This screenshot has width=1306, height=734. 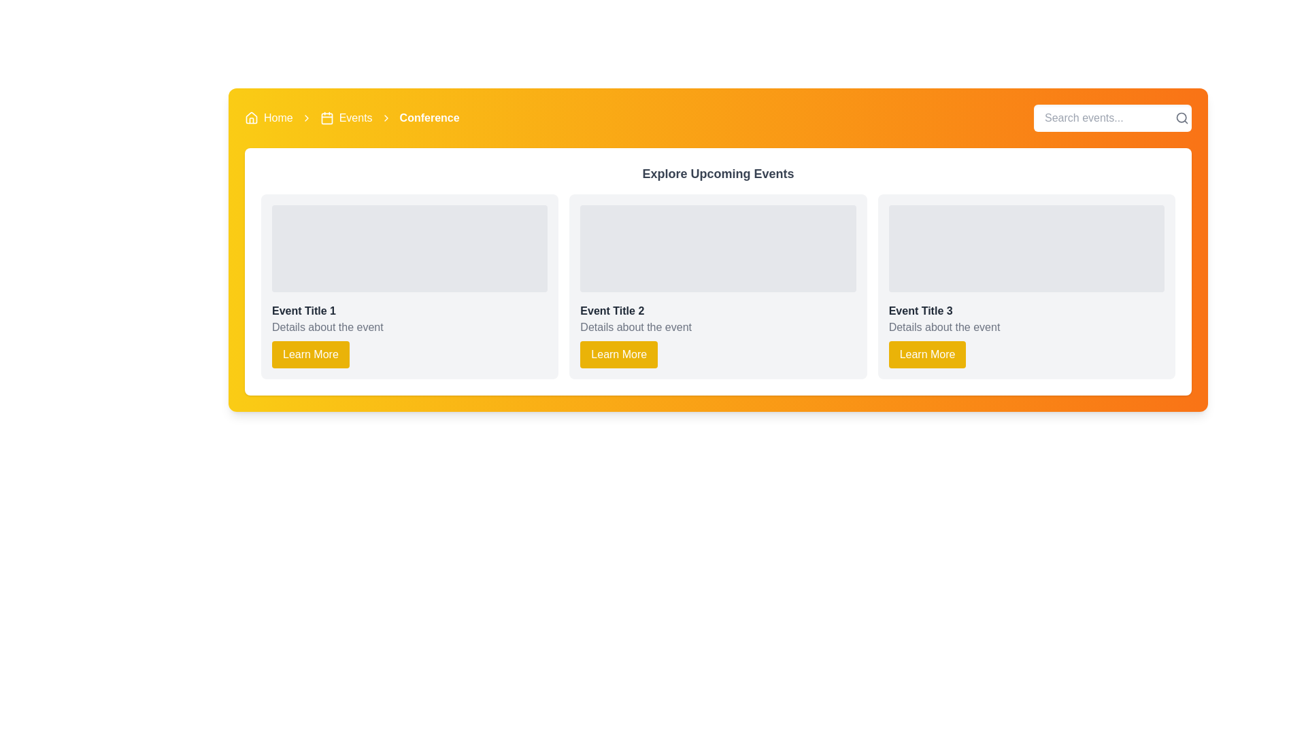 I want to click on the search icon located in the top right corner of the header section, so click(x=1113, y=117).